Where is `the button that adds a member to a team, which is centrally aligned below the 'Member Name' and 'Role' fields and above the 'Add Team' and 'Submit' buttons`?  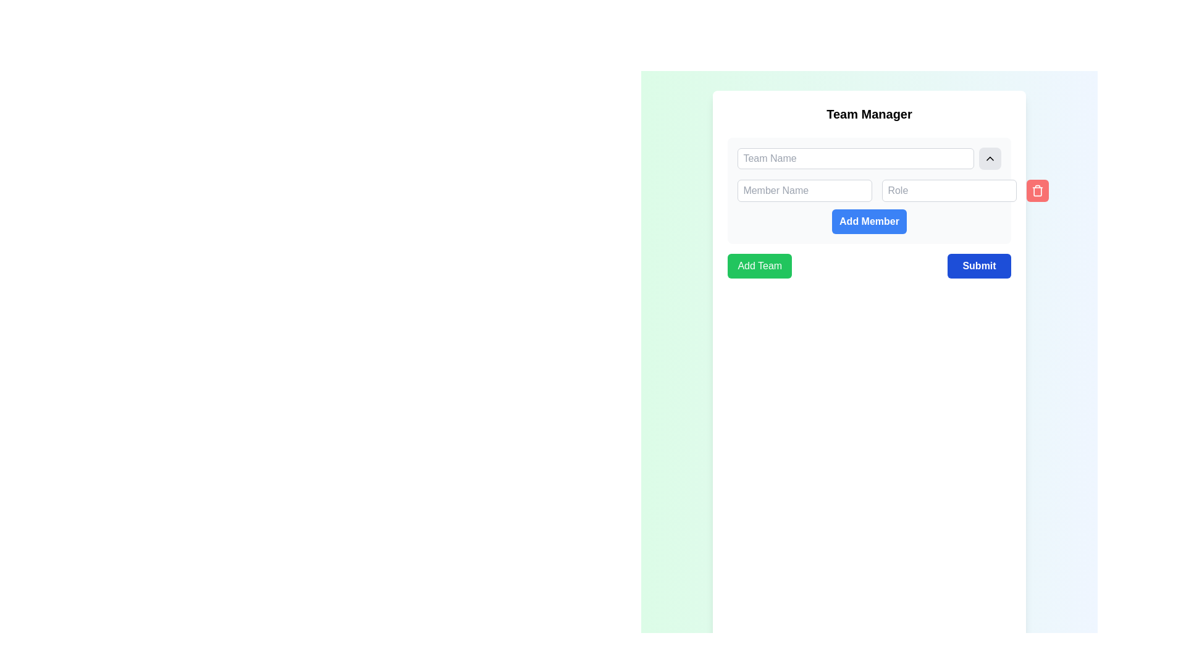
the button that adds a member to a team, which is centrally aligned below the 'Member Name' and 'Role' fields and above the 'Add Team' and 'Submit' buttons is located at coordinates (868, 220).